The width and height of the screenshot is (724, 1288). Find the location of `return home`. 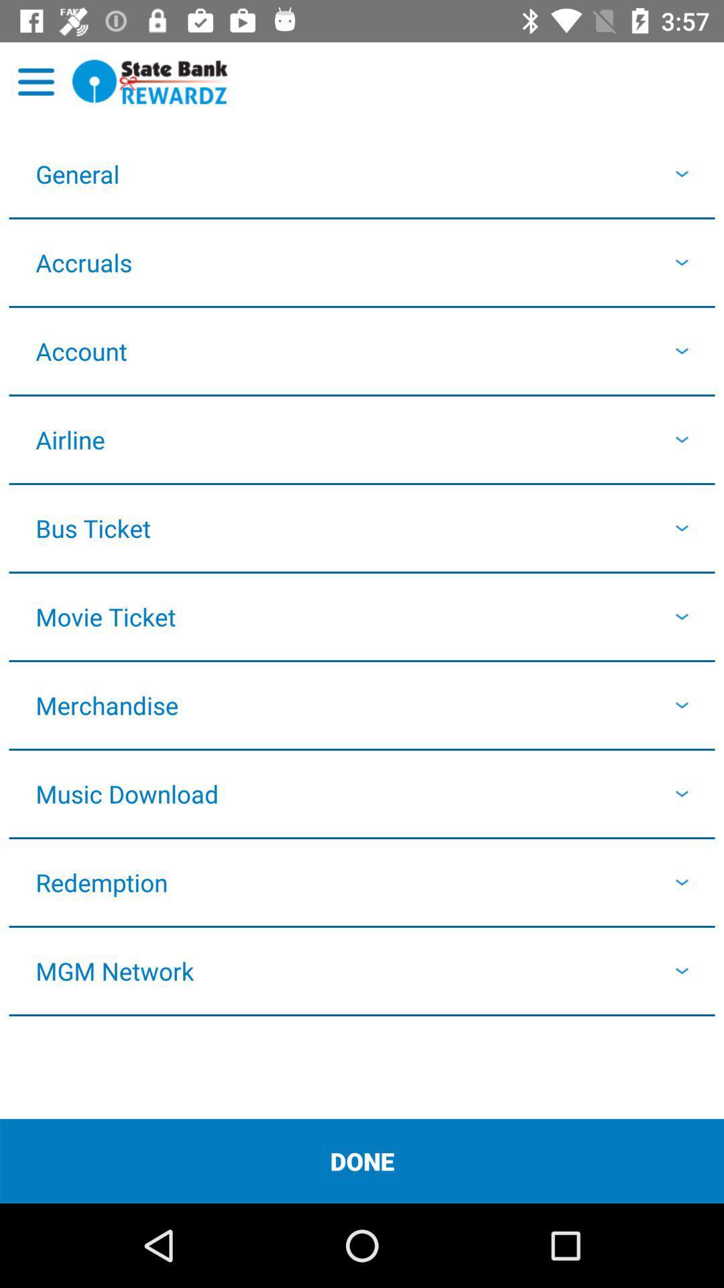

return home is located at coordinates (150, 81).